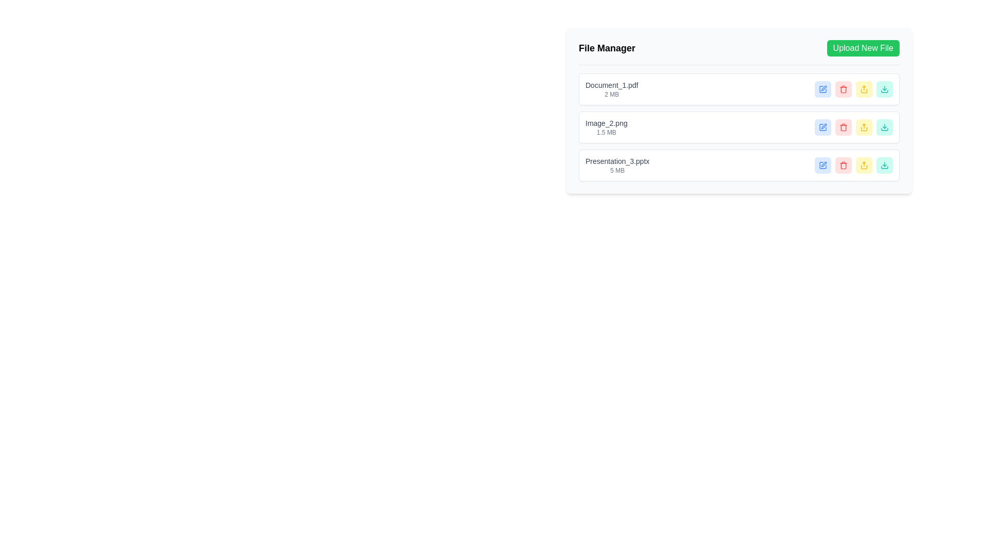  What do you see at coordinates (864, 88) in the screenshot?
I see `the rectangular button with a yellow background and yellow text featuring a share icon, which is the fourth button from the left in the 'File Manager' section` at bounding box center [864, 88].